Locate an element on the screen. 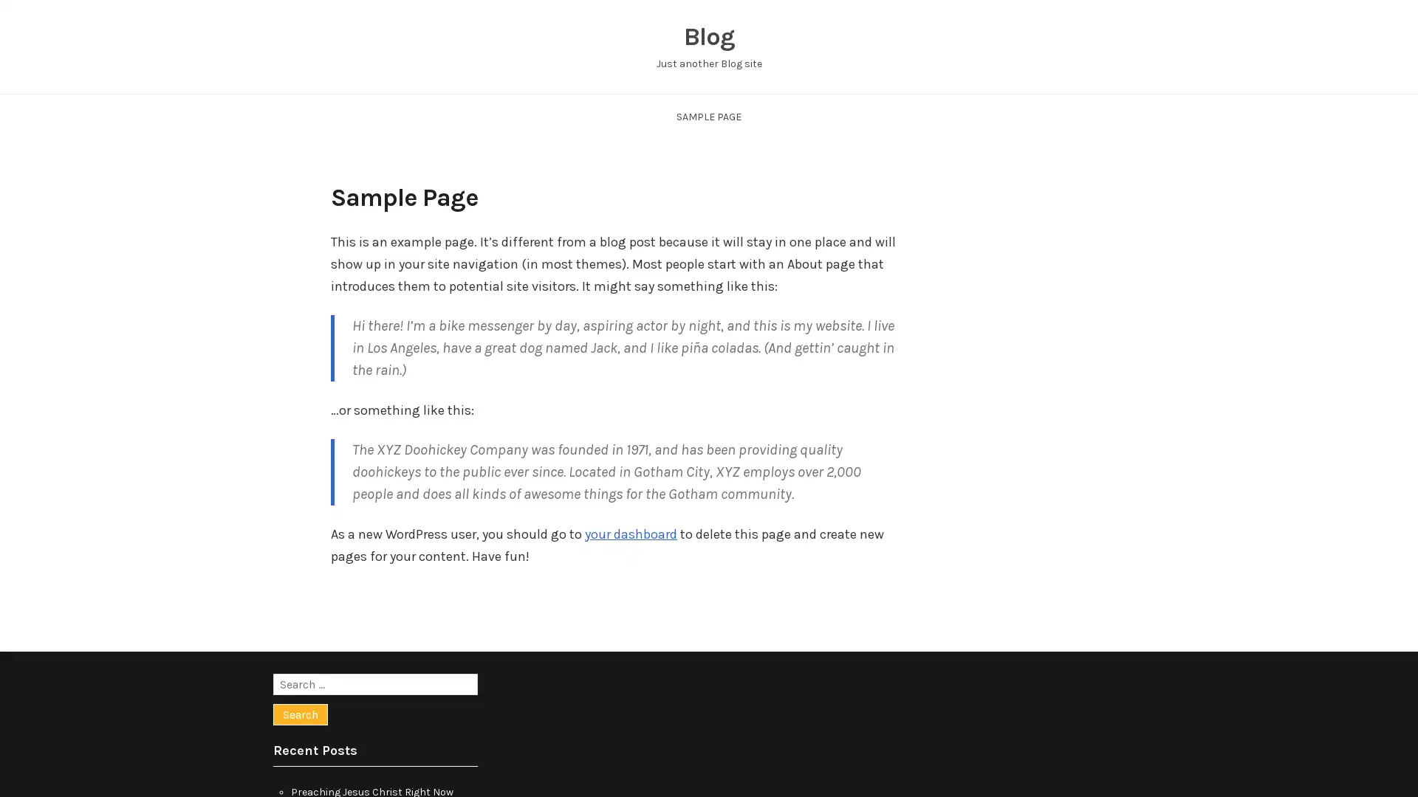 This screenshot has width=1418, height=797. Search is located at coordinates (300, 713).